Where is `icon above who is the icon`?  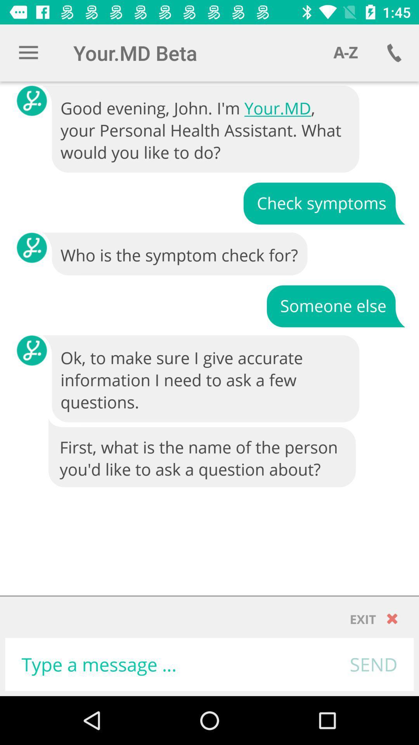
icon above who is the icon is located at coordinates (324, 203).